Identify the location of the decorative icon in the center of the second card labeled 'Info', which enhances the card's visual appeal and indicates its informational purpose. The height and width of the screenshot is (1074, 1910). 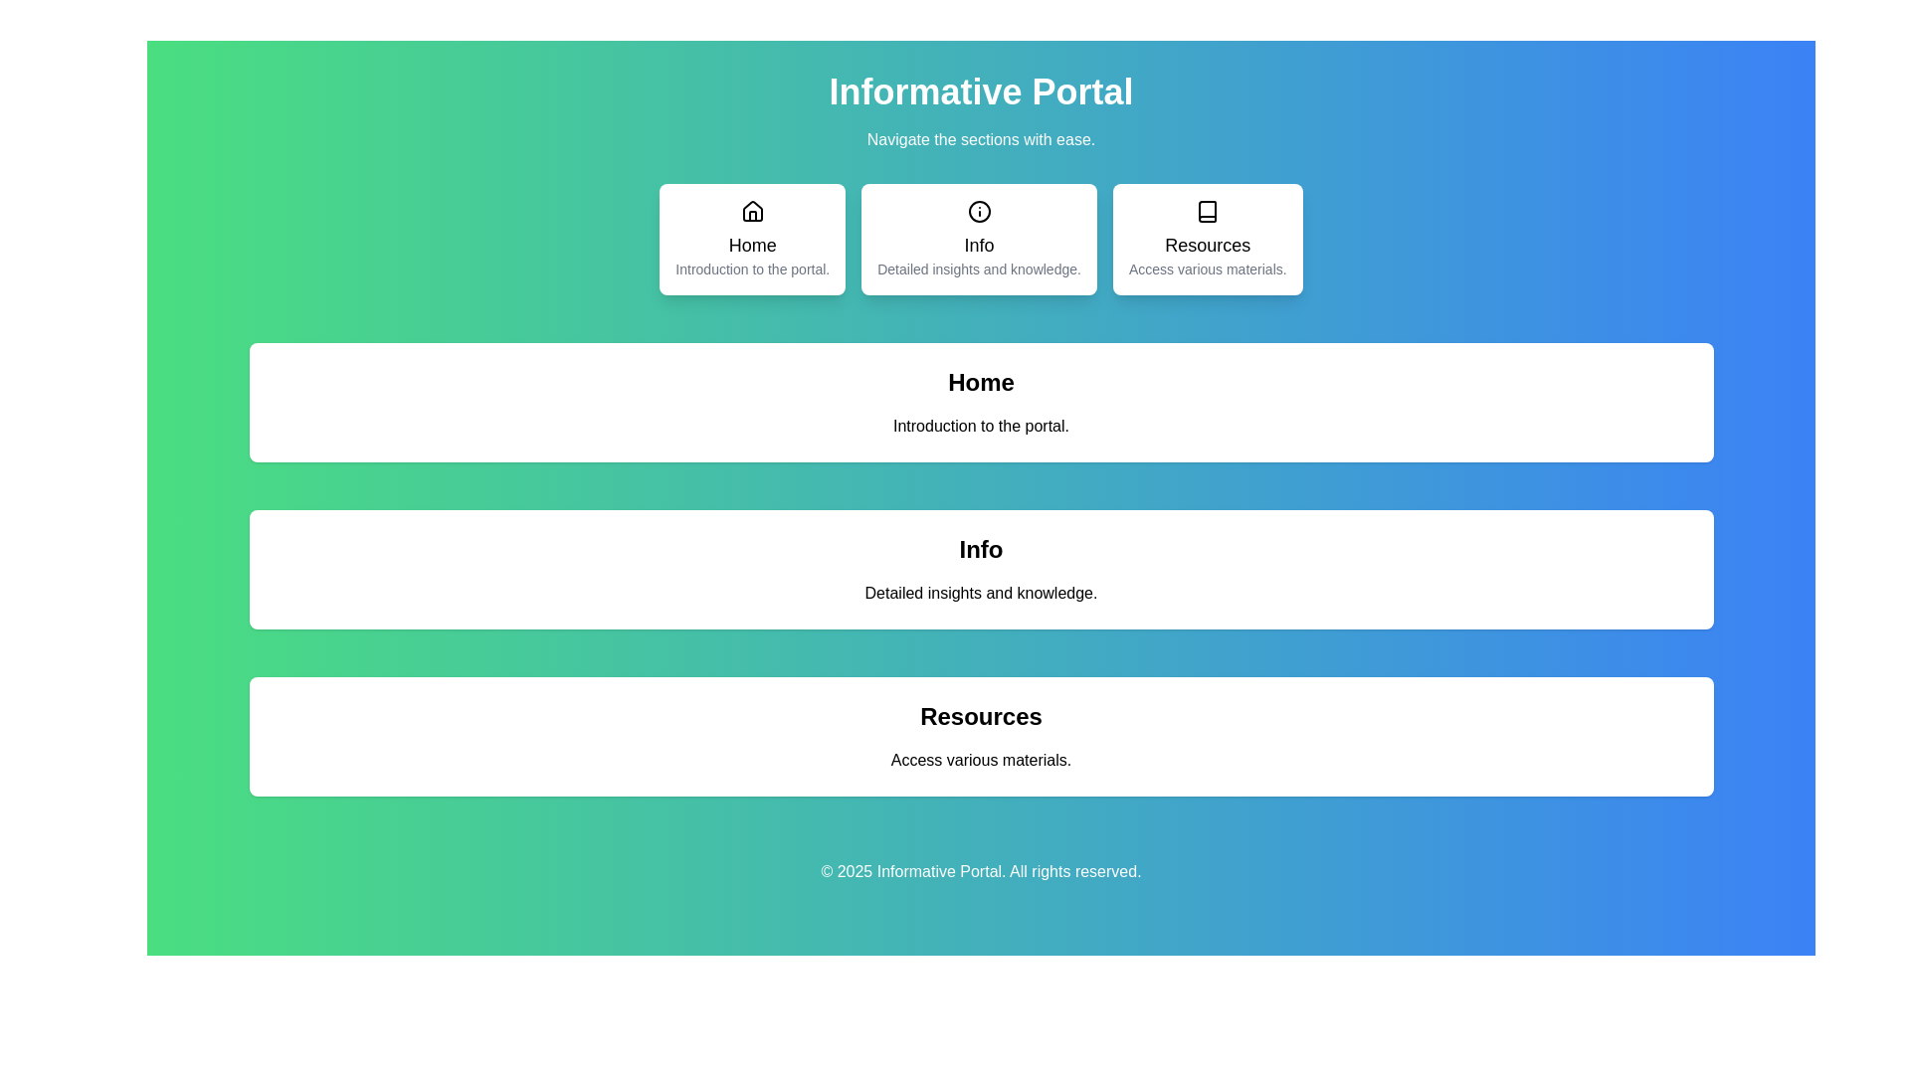
(979, 211).